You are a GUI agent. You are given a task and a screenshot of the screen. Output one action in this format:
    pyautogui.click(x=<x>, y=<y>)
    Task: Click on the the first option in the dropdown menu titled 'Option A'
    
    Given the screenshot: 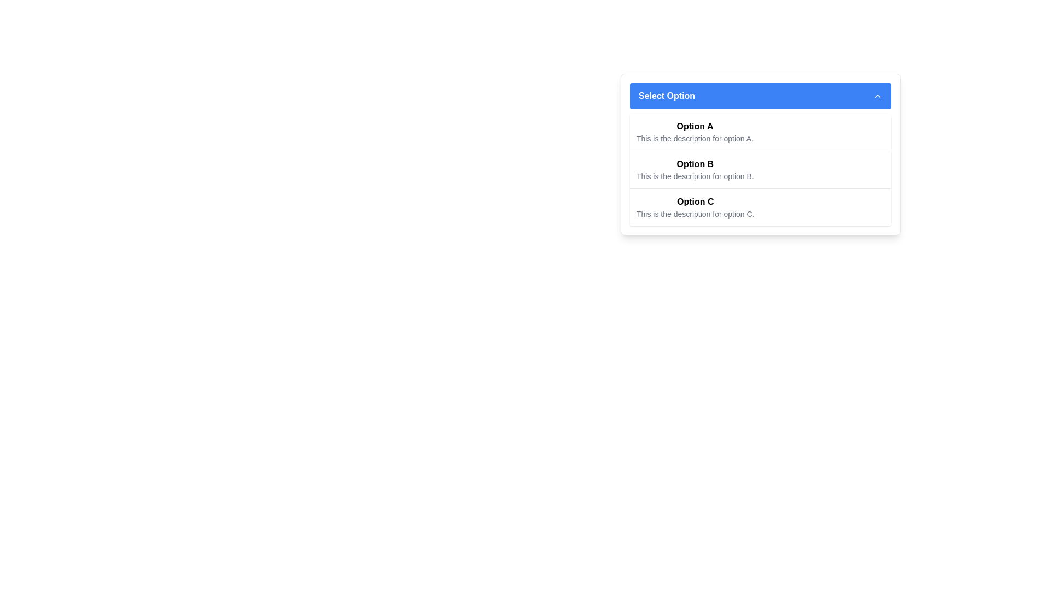 What is the action you would take?
    pyautogui.click(x=760, y=132)
    